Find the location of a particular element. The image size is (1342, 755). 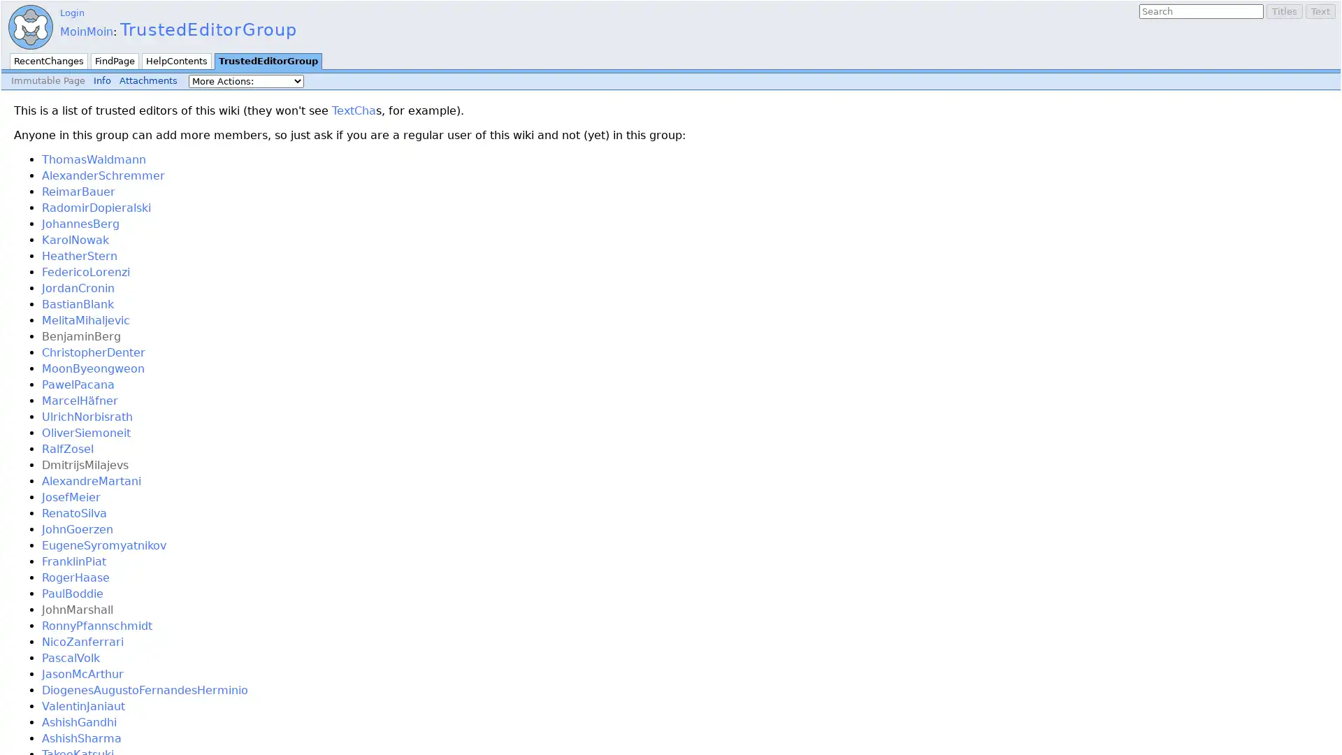

Titles is located at coordinates (1285, 11).